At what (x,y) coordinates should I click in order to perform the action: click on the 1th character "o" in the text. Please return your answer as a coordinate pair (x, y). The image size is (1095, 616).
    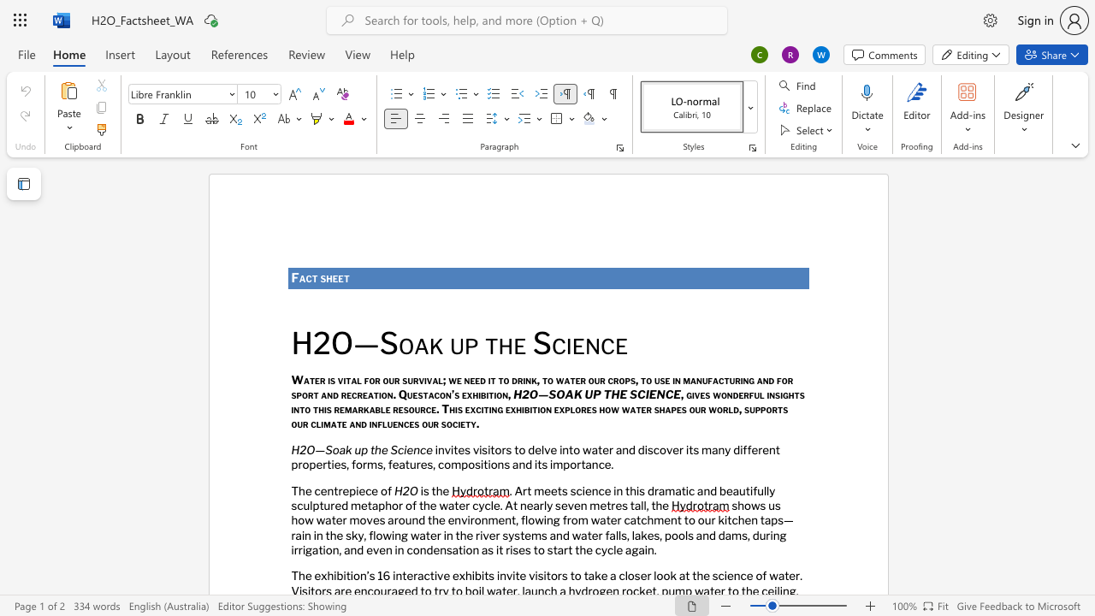
    Looking at the image, I should click on (378, 534).